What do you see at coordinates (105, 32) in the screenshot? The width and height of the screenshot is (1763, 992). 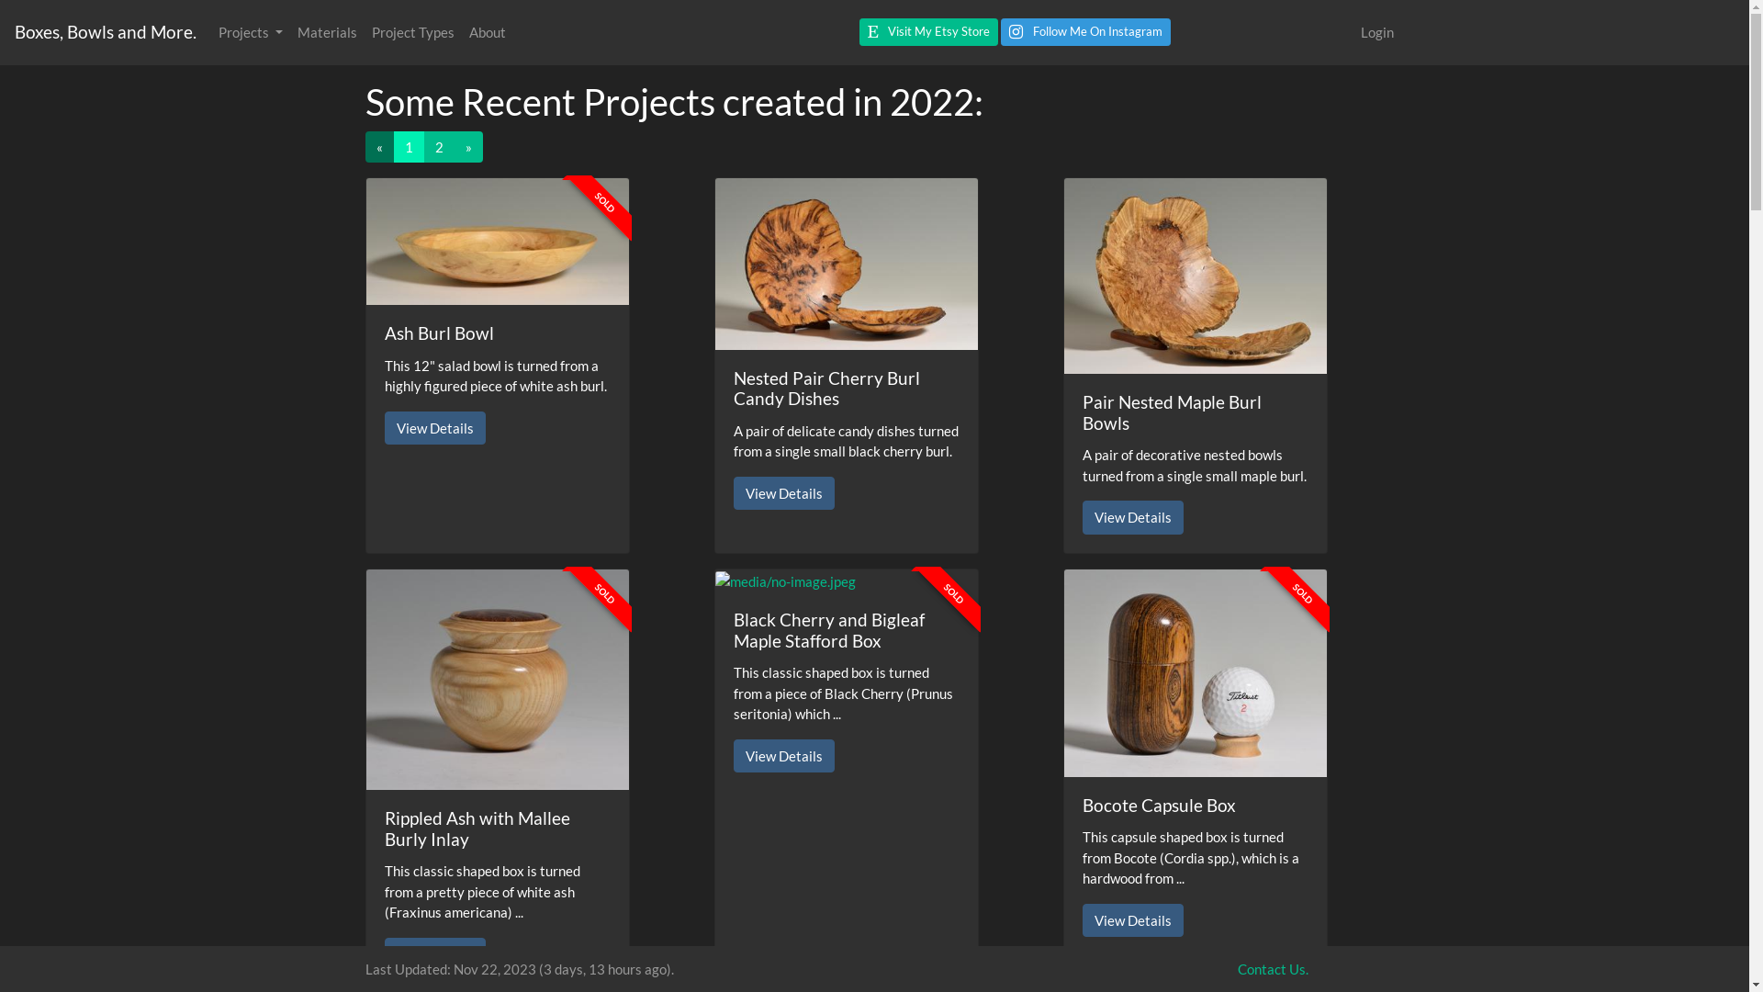 I see `'Boxes, Bowls and More.'` at bounding box center [105, 32].